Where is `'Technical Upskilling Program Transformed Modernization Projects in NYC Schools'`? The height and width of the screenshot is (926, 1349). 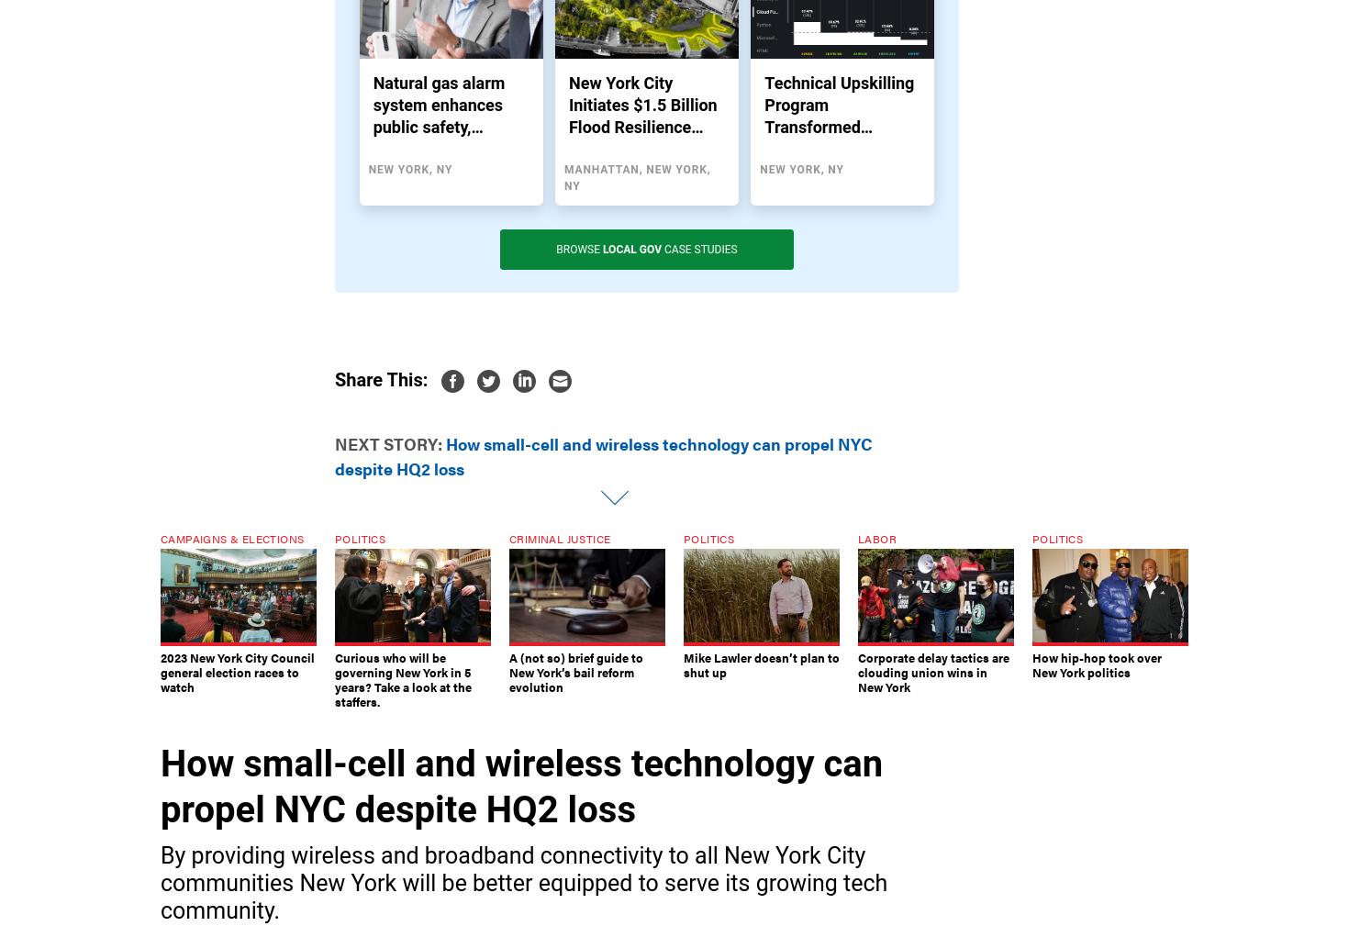 'Technical Upskilling Program Transformed Modernization Projects in NYC Schools' is located at coordinates (839, 137).